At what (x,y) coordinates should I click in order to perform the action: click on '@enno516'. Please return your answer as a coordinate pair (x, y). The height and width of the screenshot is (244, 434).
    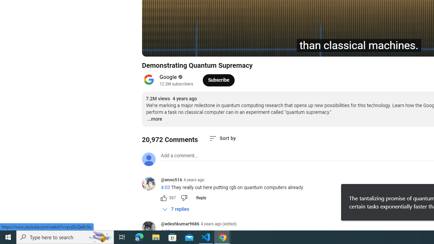
    Looking at the image, I should click on (151, 184).